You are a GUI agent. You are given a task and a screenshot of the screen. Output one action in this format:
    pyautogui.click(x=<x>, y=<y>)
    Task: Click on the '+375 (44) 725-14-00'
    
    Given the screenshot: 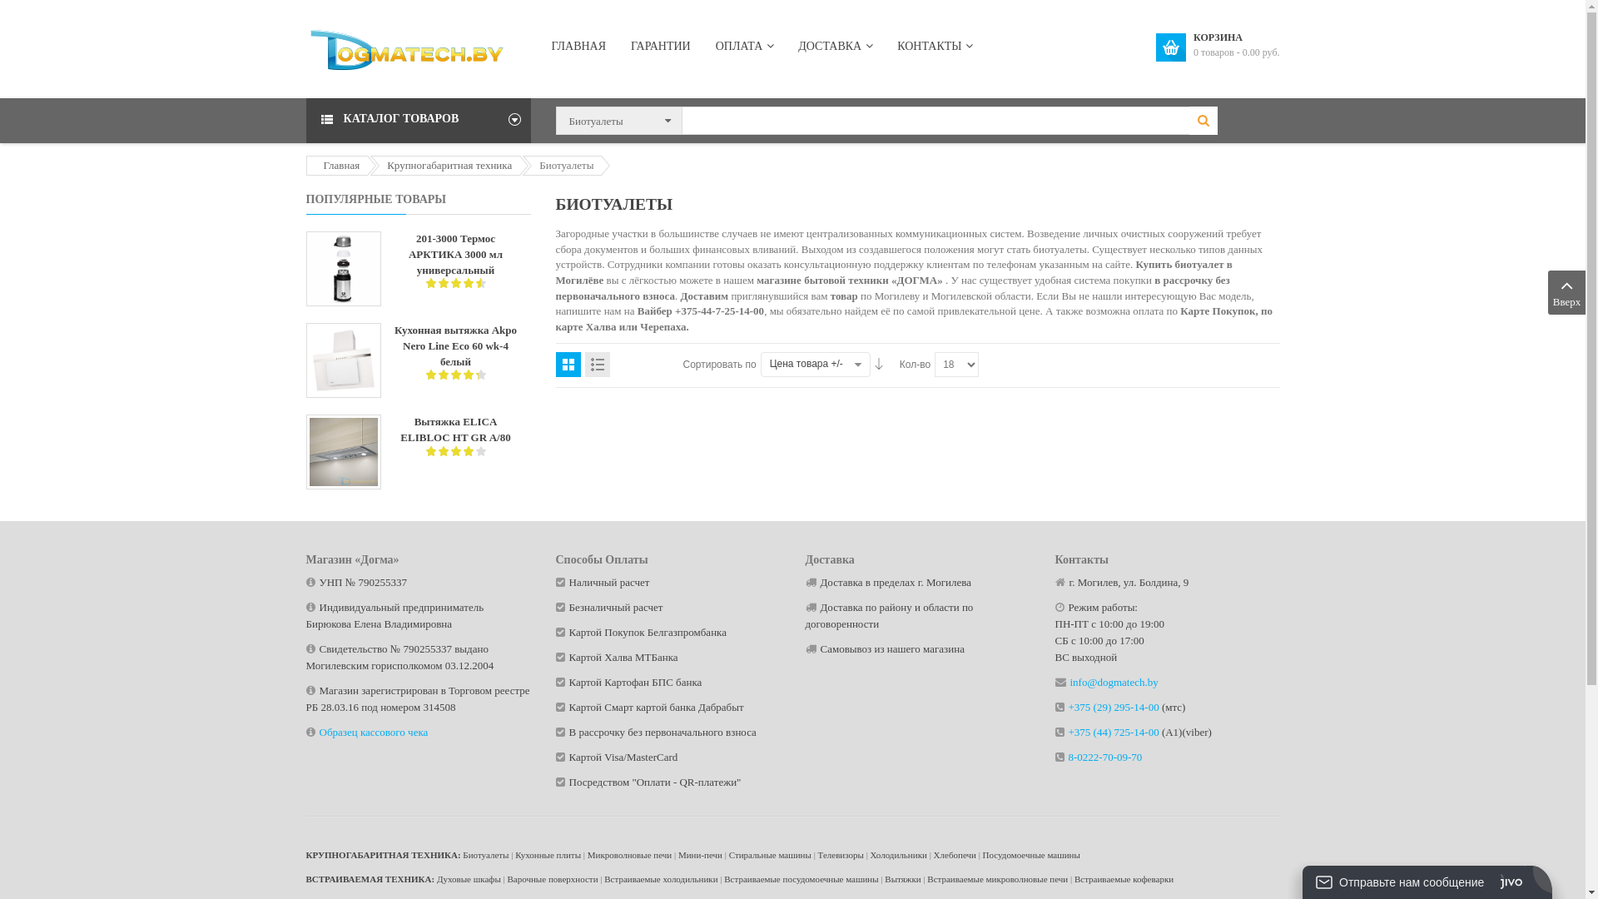 What is the action you would take?
    pyautogui.click(x=1068, y=731)
    